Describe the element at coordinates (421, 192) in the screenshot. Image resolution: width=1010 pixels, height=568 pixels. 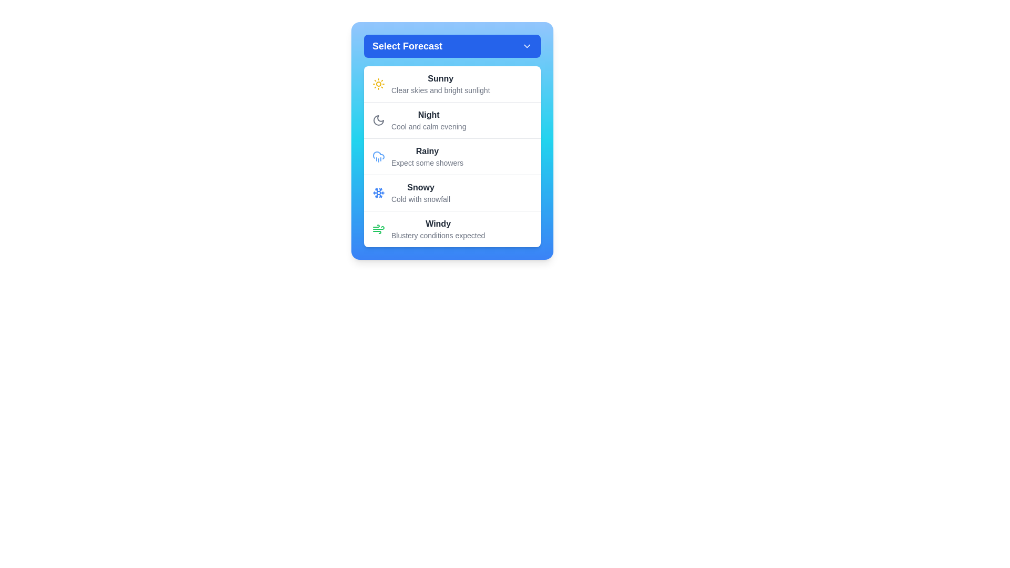
I see `the fourth selectable list item labeled 'Snowy' with the description 'Cold with snowfall'` at that location.